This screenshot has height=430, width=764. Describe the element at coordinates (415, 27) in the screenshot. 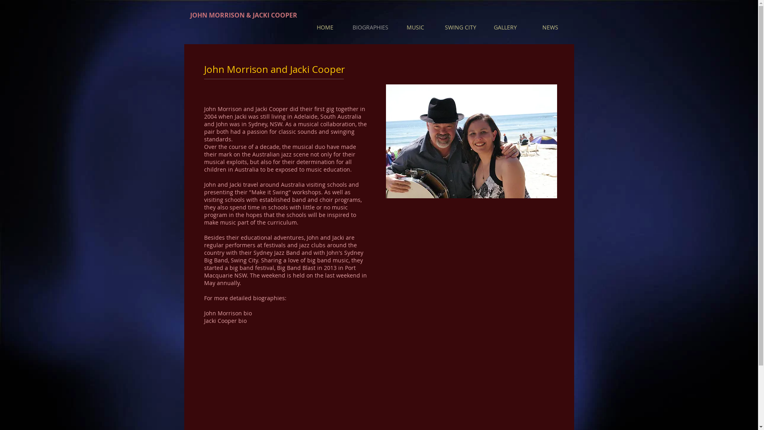

I see `'MUSIC'` at that location.